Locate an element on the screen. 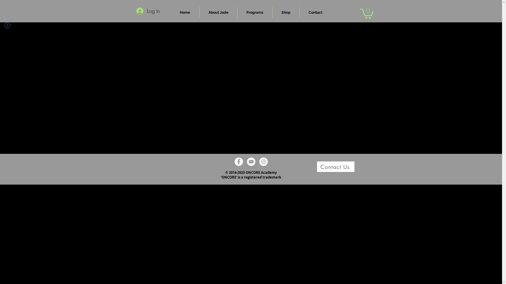 The height and width of the screenshot is (284, 506). 'About Jade' is located at coordinates (218, 12).